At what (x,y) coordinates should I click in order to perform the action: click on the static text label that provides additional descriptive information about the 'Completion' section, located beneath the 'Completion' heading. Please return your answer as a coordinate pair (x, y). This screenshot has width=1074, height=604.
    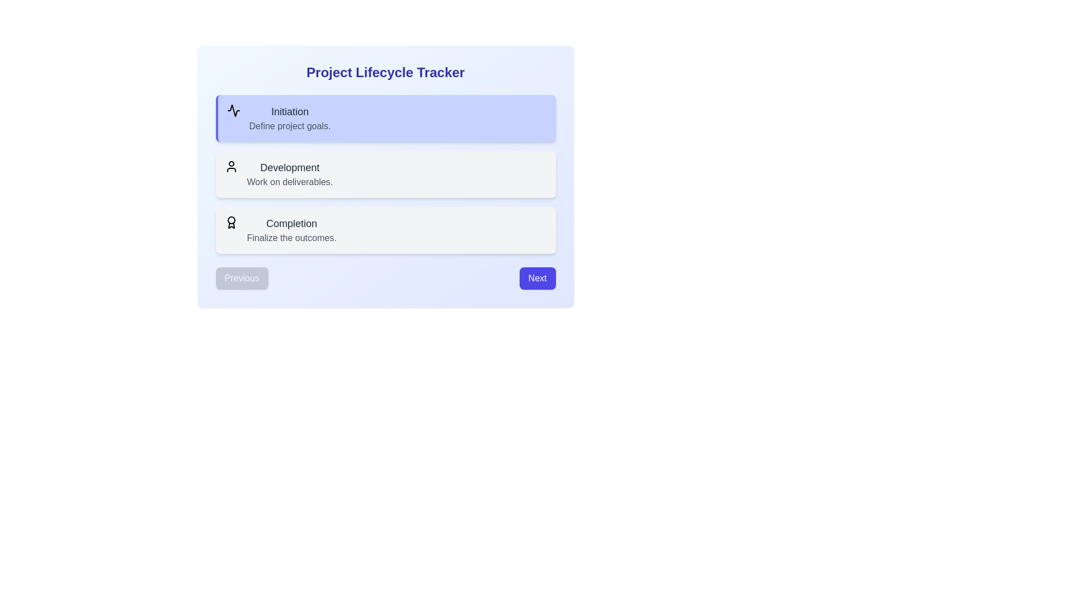
    Looking at the image, I should click on (291, 237).